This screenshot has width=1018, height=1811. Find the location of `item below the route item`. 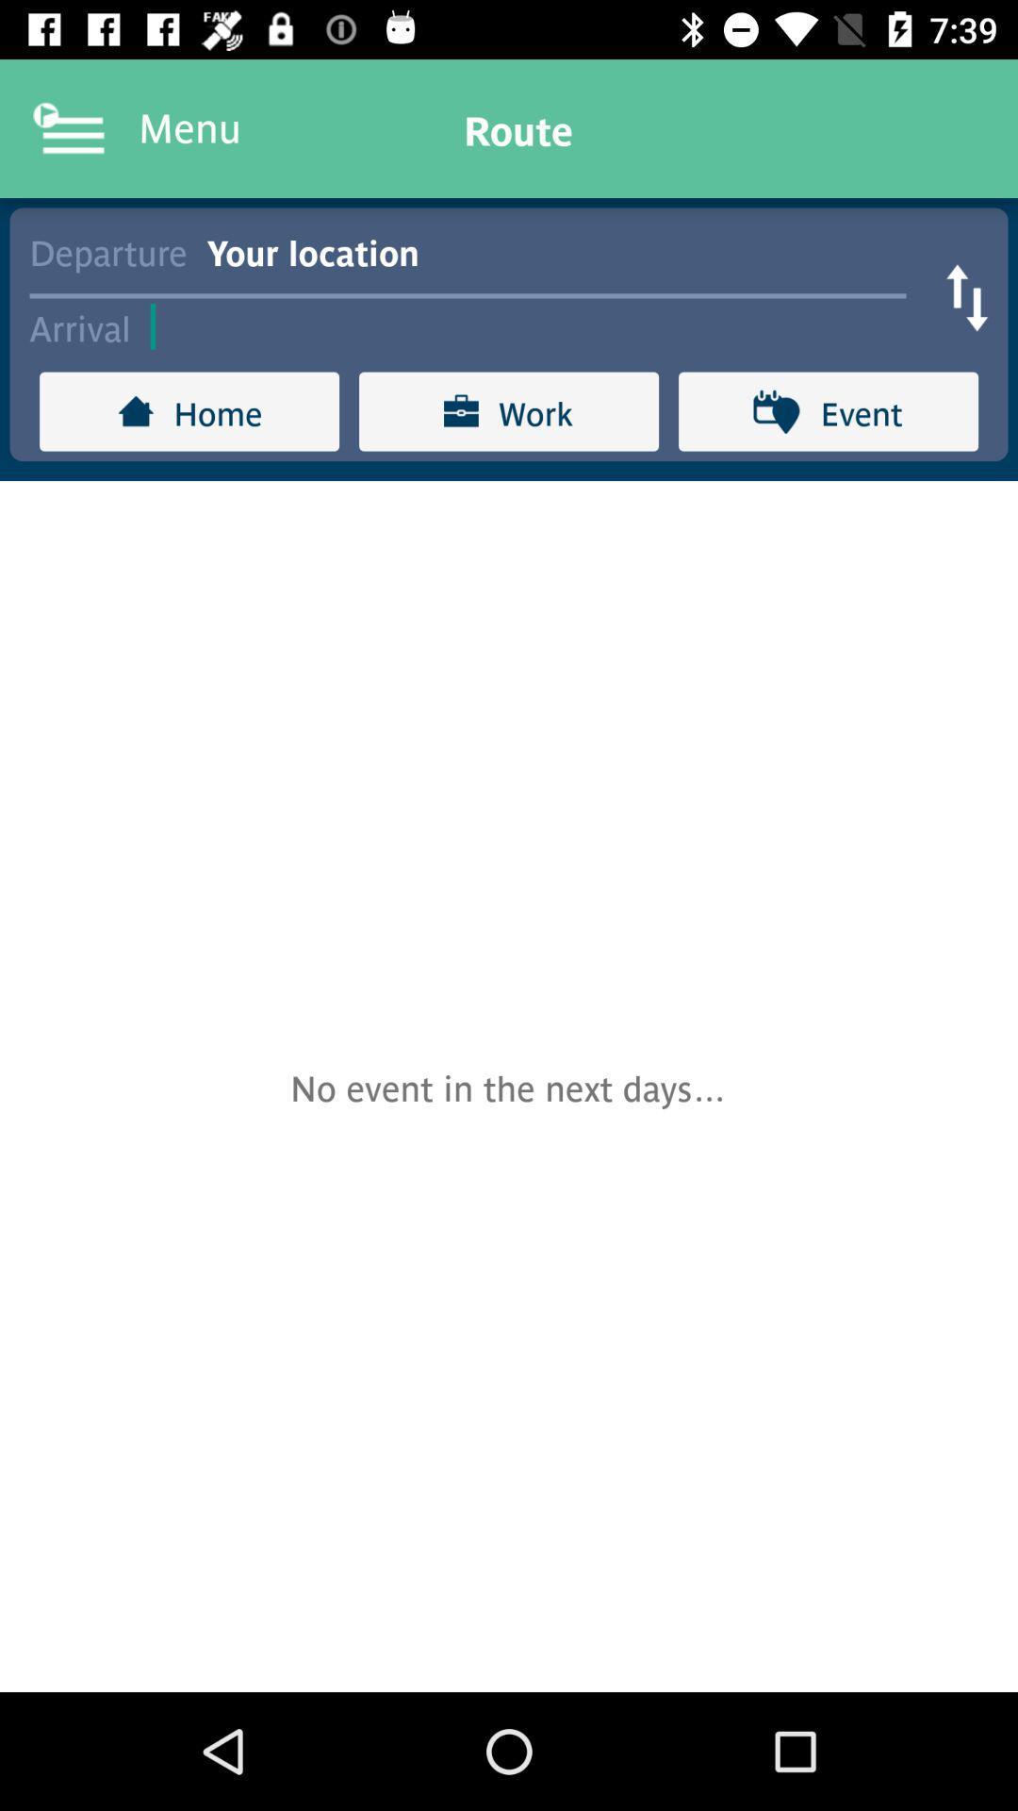

item below the route item is located at coordinates (566, 249).